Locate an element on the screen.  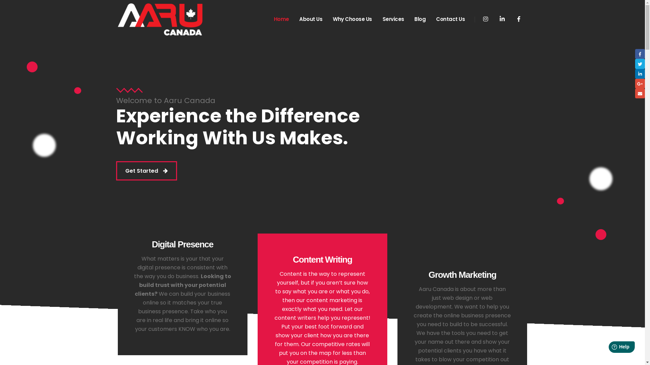
'Facebook' is located at coordinates (518, 19).